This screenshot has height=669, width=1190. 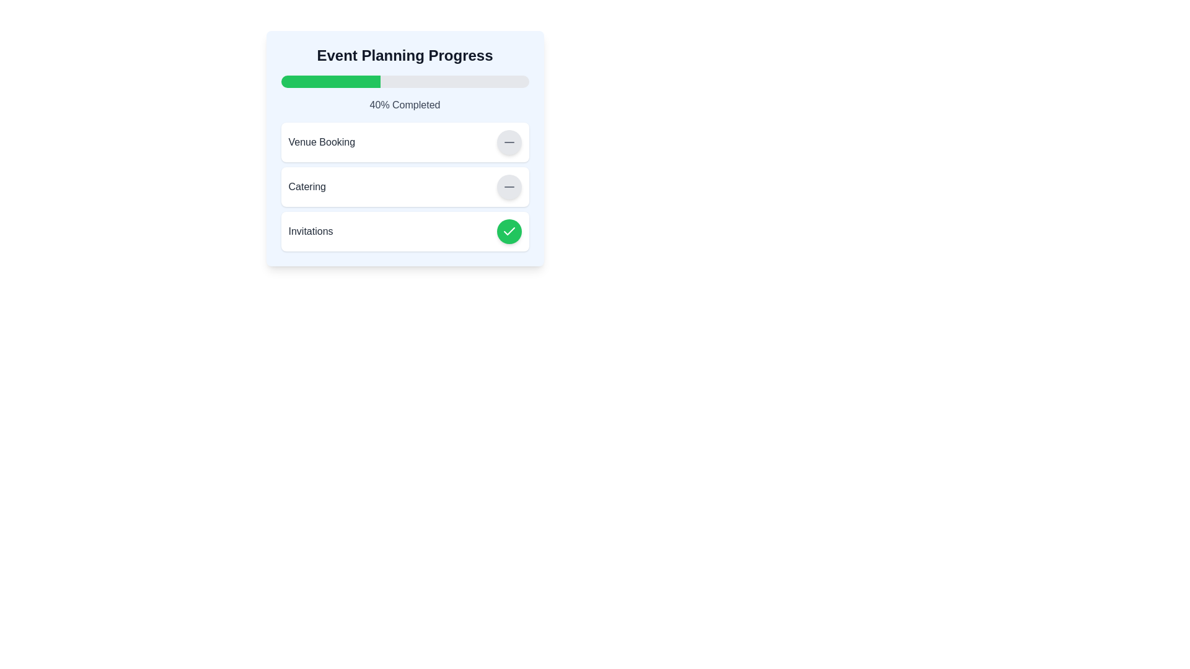 What do you see at coordinates (330, 81) in the screenshot?
I see `the left section of the 'Event Planning Progress' progress bar segment, which visually indicates 40% completion of a task` at bounding box center [330, 81].